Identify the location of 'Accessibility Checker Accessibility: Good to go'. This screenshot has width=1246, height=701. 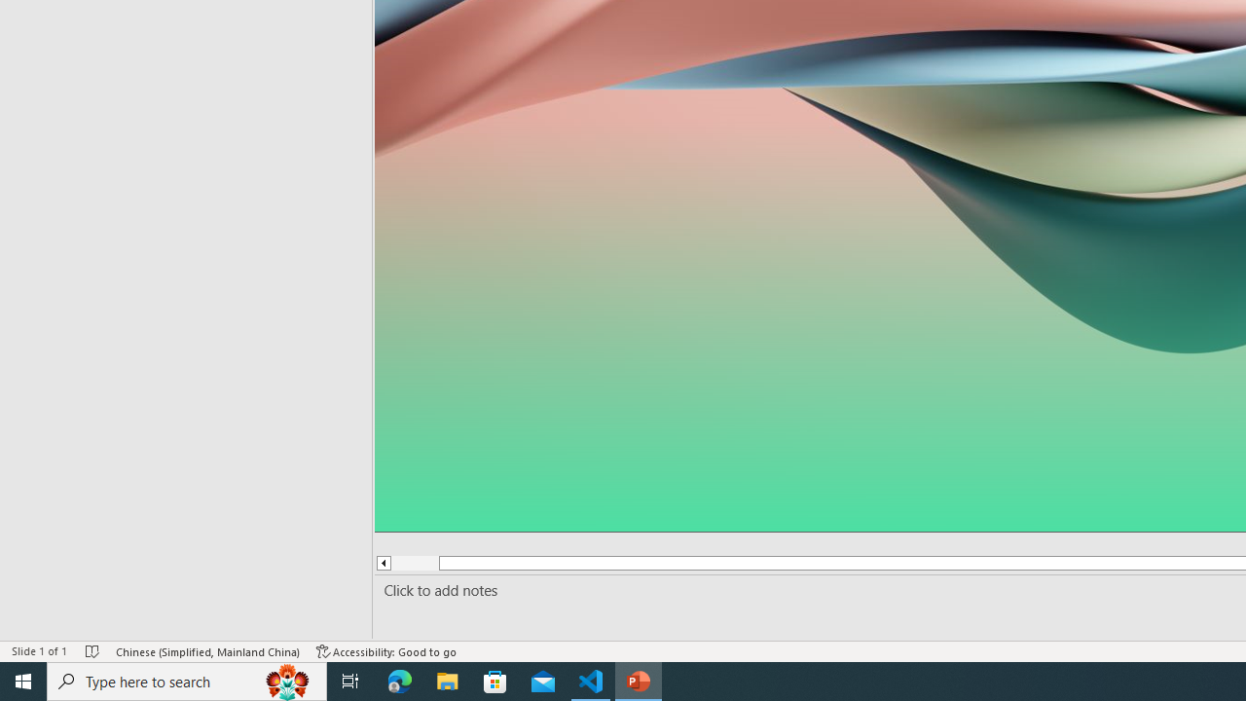
(386, 651).